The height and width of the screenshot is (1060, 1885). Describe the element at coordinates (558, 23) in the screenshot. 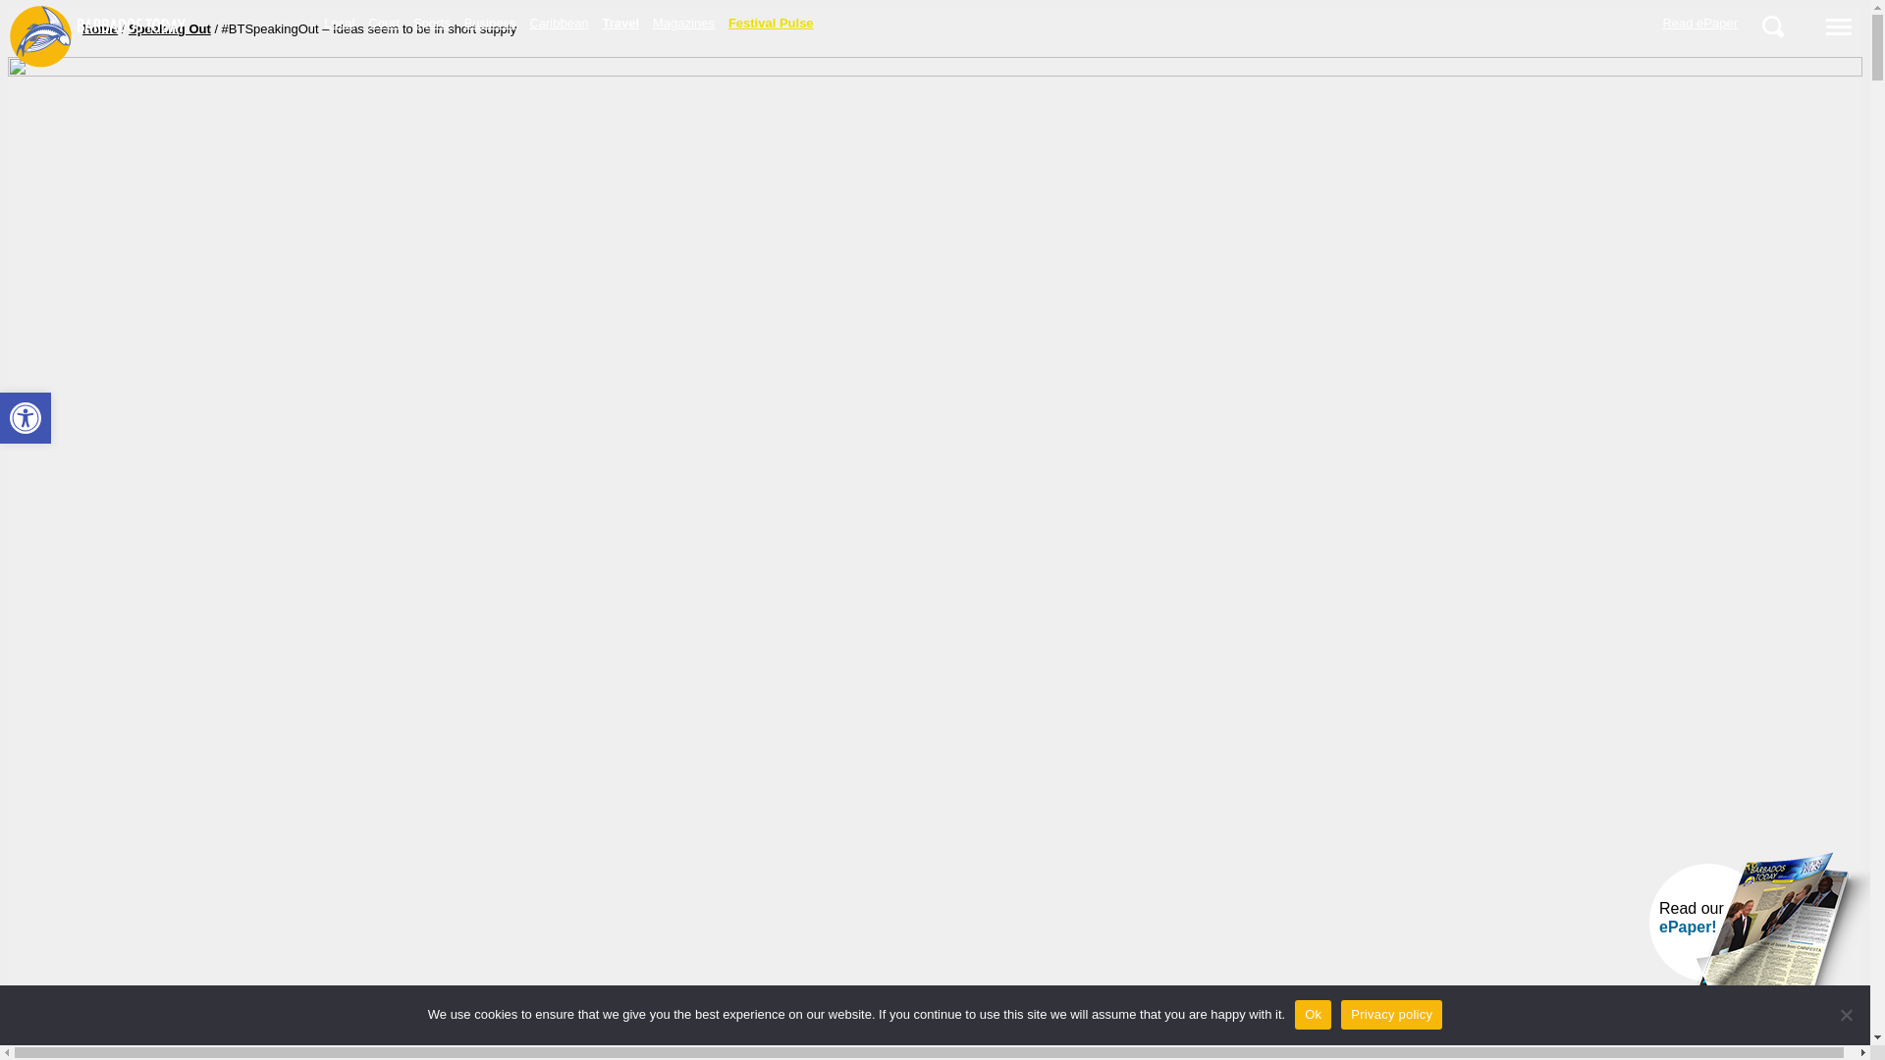

I see `'Caribbean'` at that location.